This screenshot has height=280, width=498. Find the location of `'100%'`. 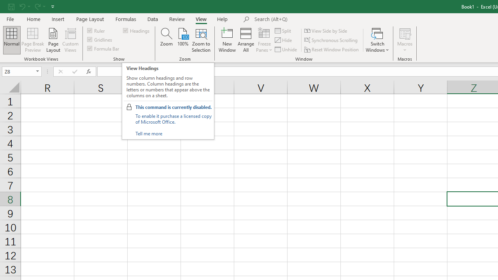

'100%' is located at coordinates (182, 40).